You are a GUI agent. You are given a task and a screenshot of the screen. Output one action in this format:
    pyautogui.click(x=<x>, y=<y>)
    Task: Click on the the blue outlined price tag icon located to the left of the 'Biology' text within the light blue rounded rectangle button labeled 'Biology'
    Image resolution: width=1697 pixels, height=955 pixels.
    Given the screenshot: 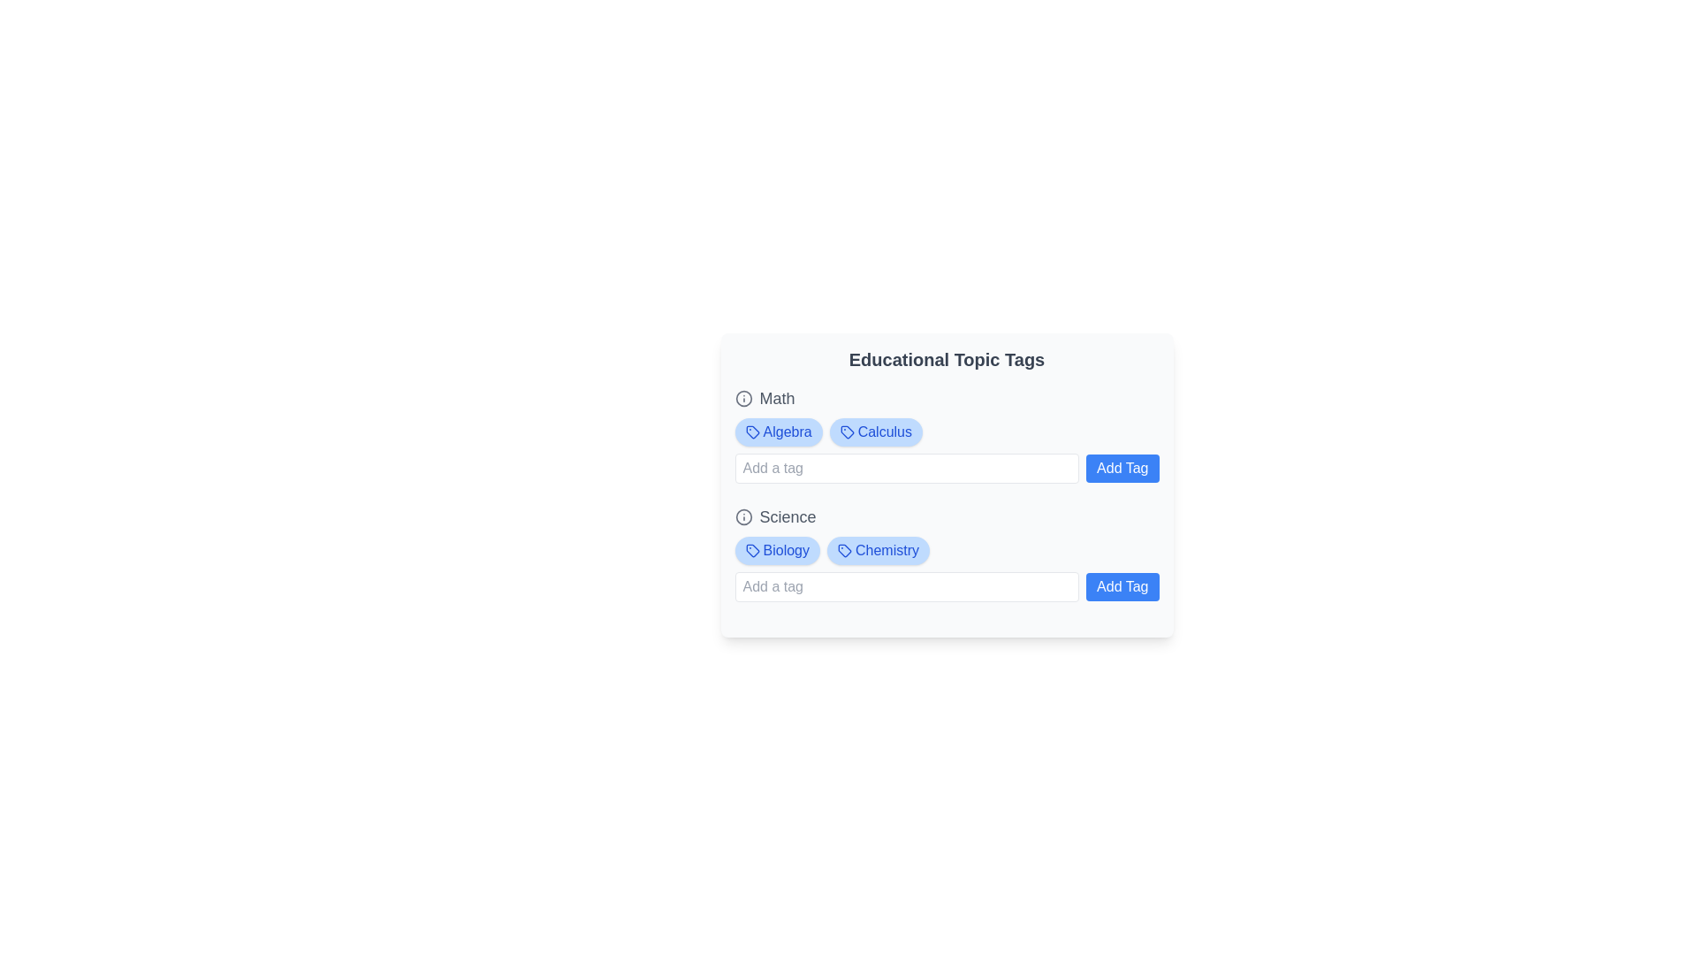 What is the action you would take?
    pyautogui.click(x=752, y=550)
    